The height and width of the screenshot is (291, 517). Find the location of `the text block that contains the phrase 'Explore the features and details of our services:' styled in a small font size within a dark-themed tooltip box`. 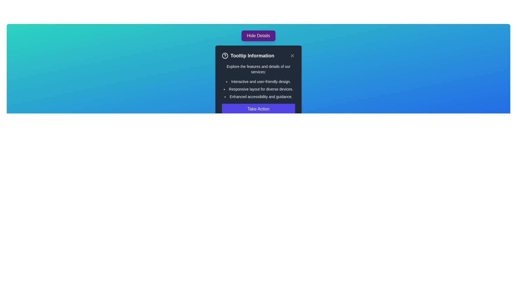

the text block that contains the phrase 'Explore the features and details of our services:' styled in a small font size within a dark-themed tooltip box is located at coordinates (258, 69).